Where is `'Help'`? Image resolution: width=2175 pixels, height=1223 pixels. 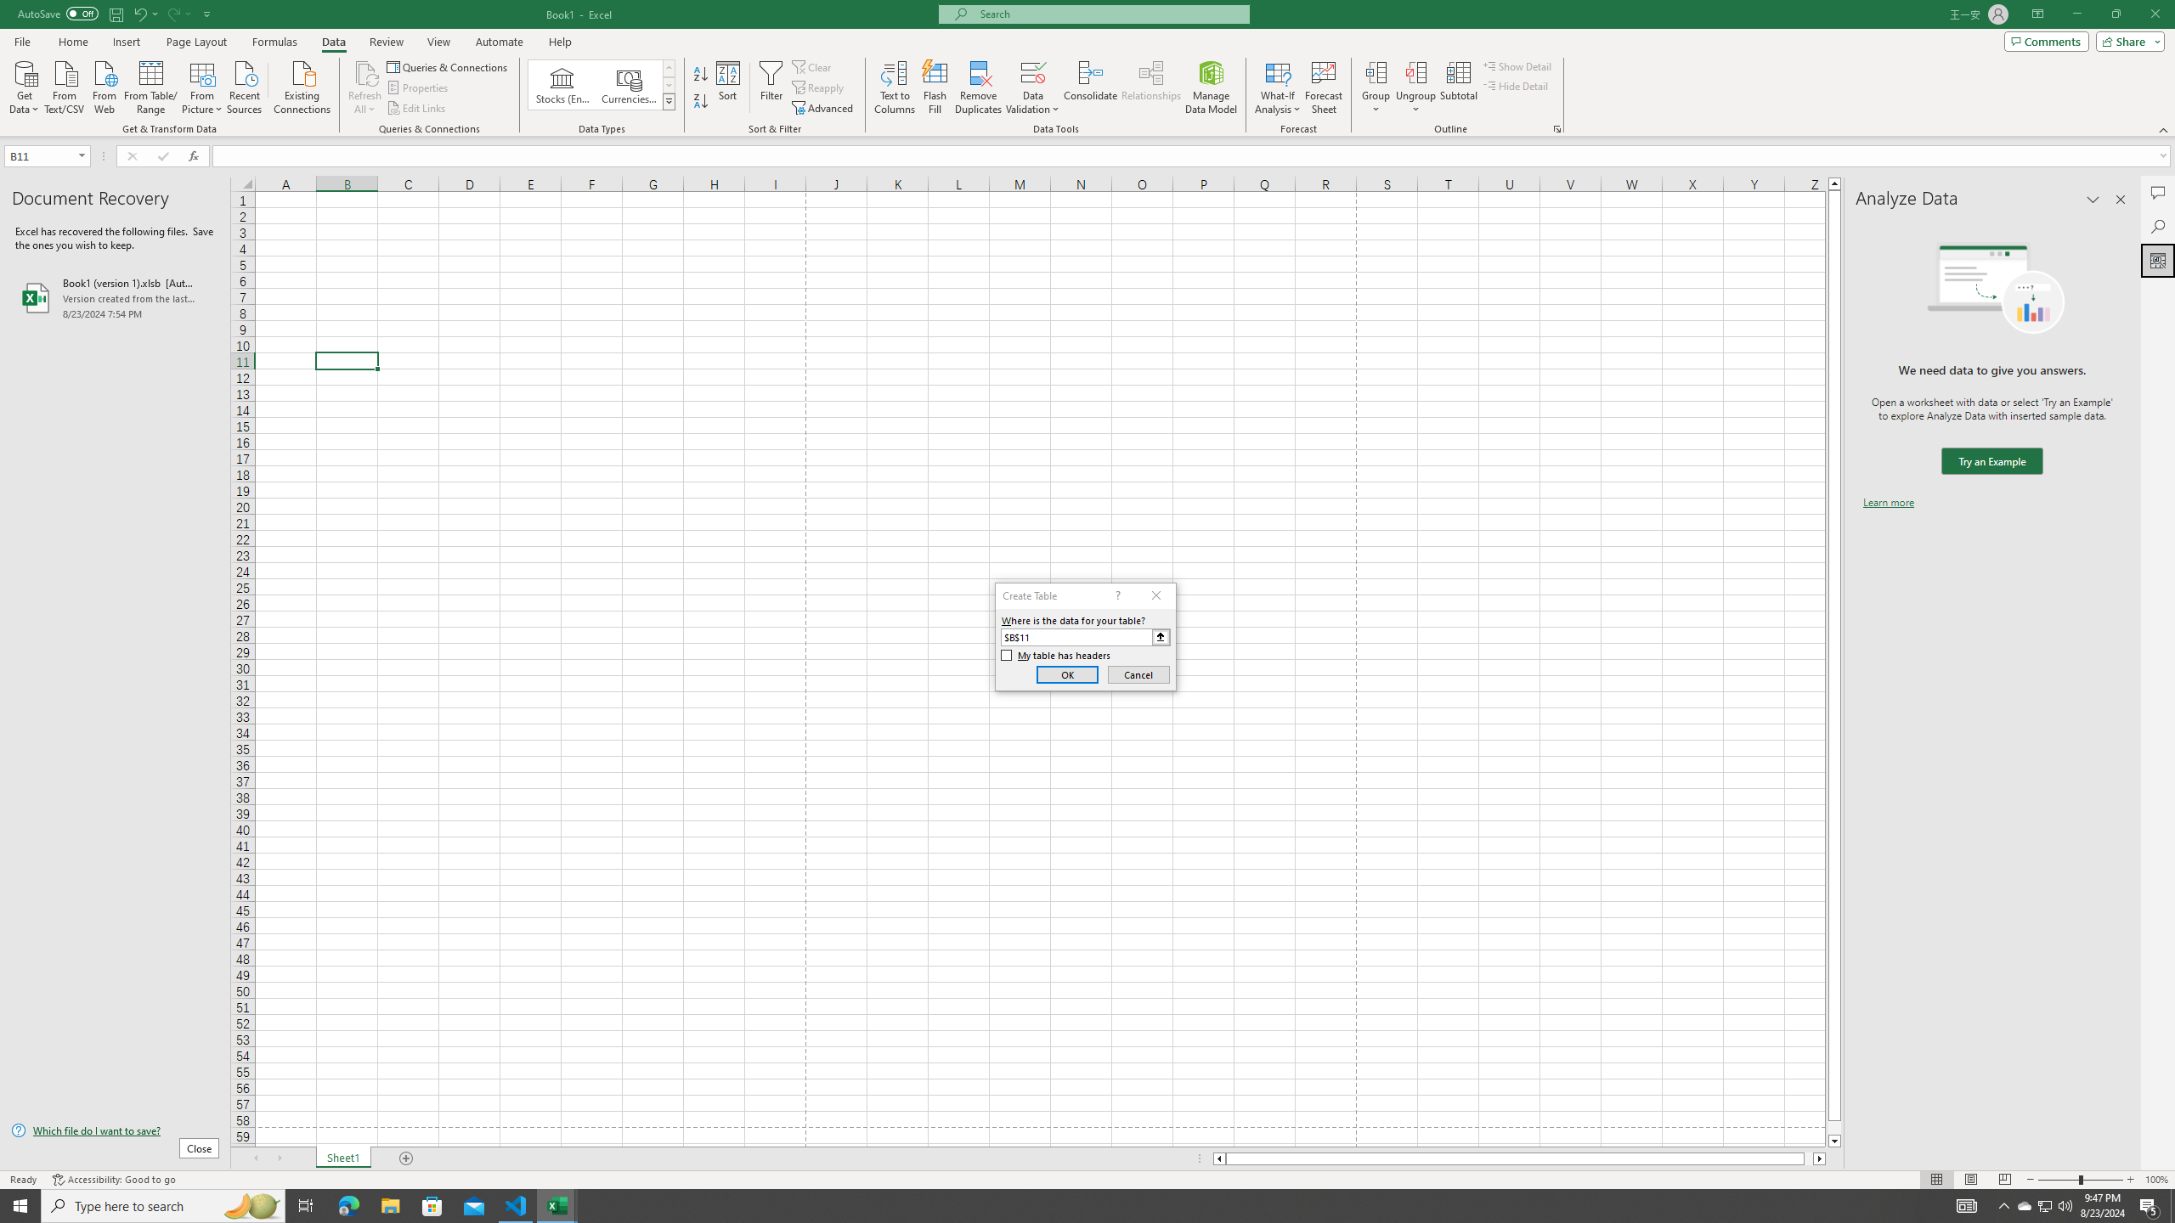
'Help' is located at coordinates (560, 42).